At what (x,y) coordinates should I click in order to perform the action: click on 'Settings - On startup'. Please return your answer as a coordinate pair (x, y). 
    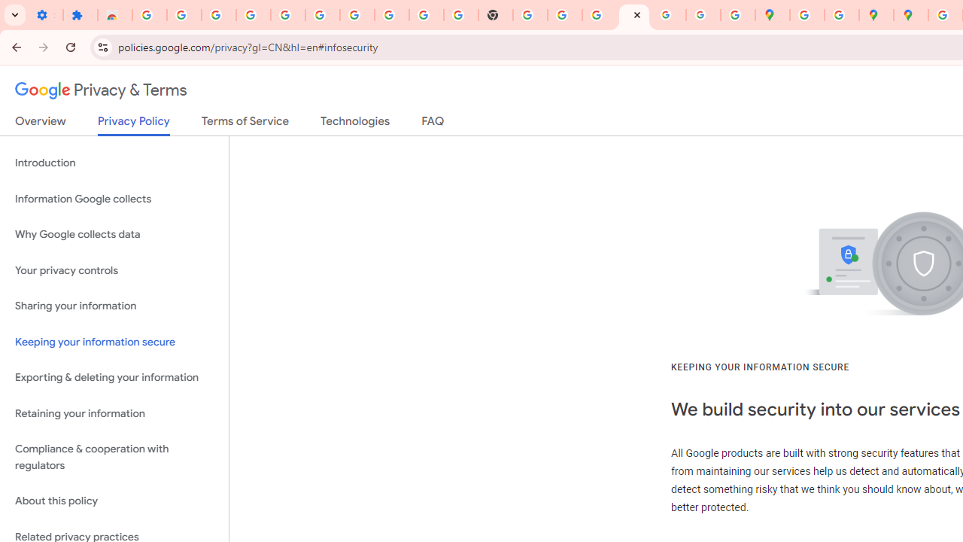
    Looking at the image, I should click on (45, 15).